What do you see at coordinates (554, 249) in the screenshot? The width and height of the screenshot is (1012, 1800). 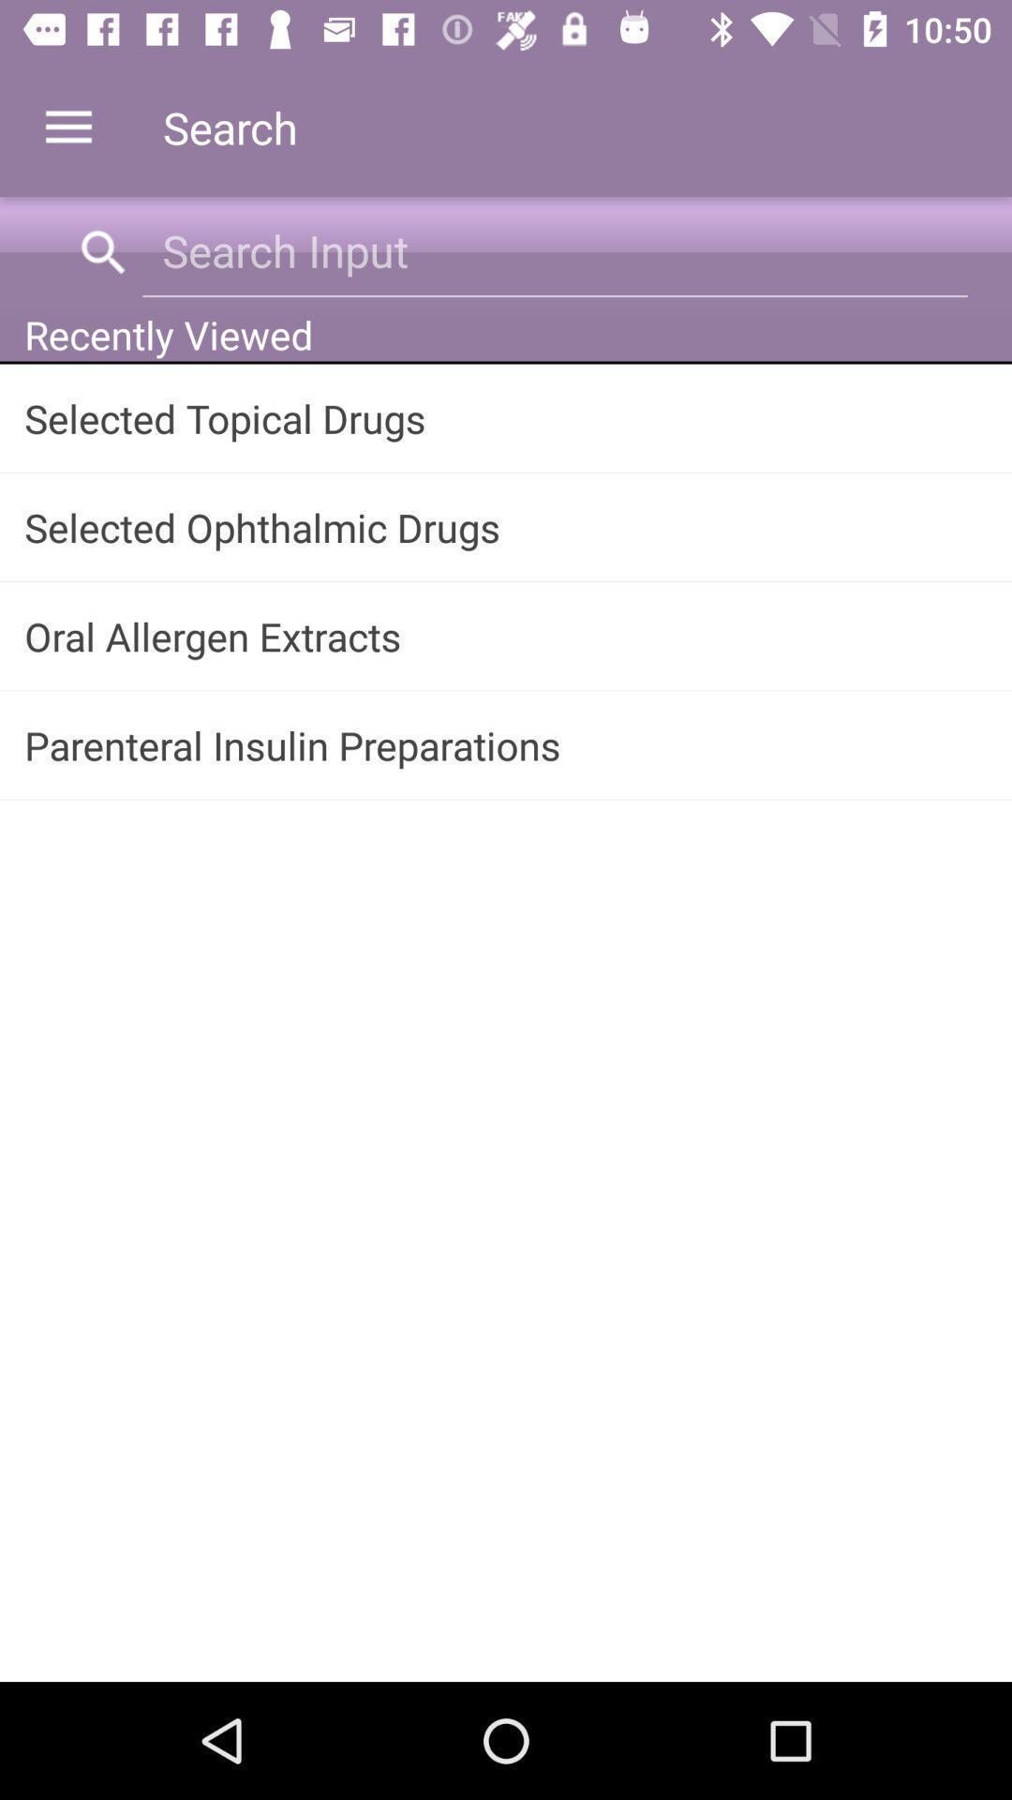 I see `item above the recently viewed` at bounding box center [554, 249].